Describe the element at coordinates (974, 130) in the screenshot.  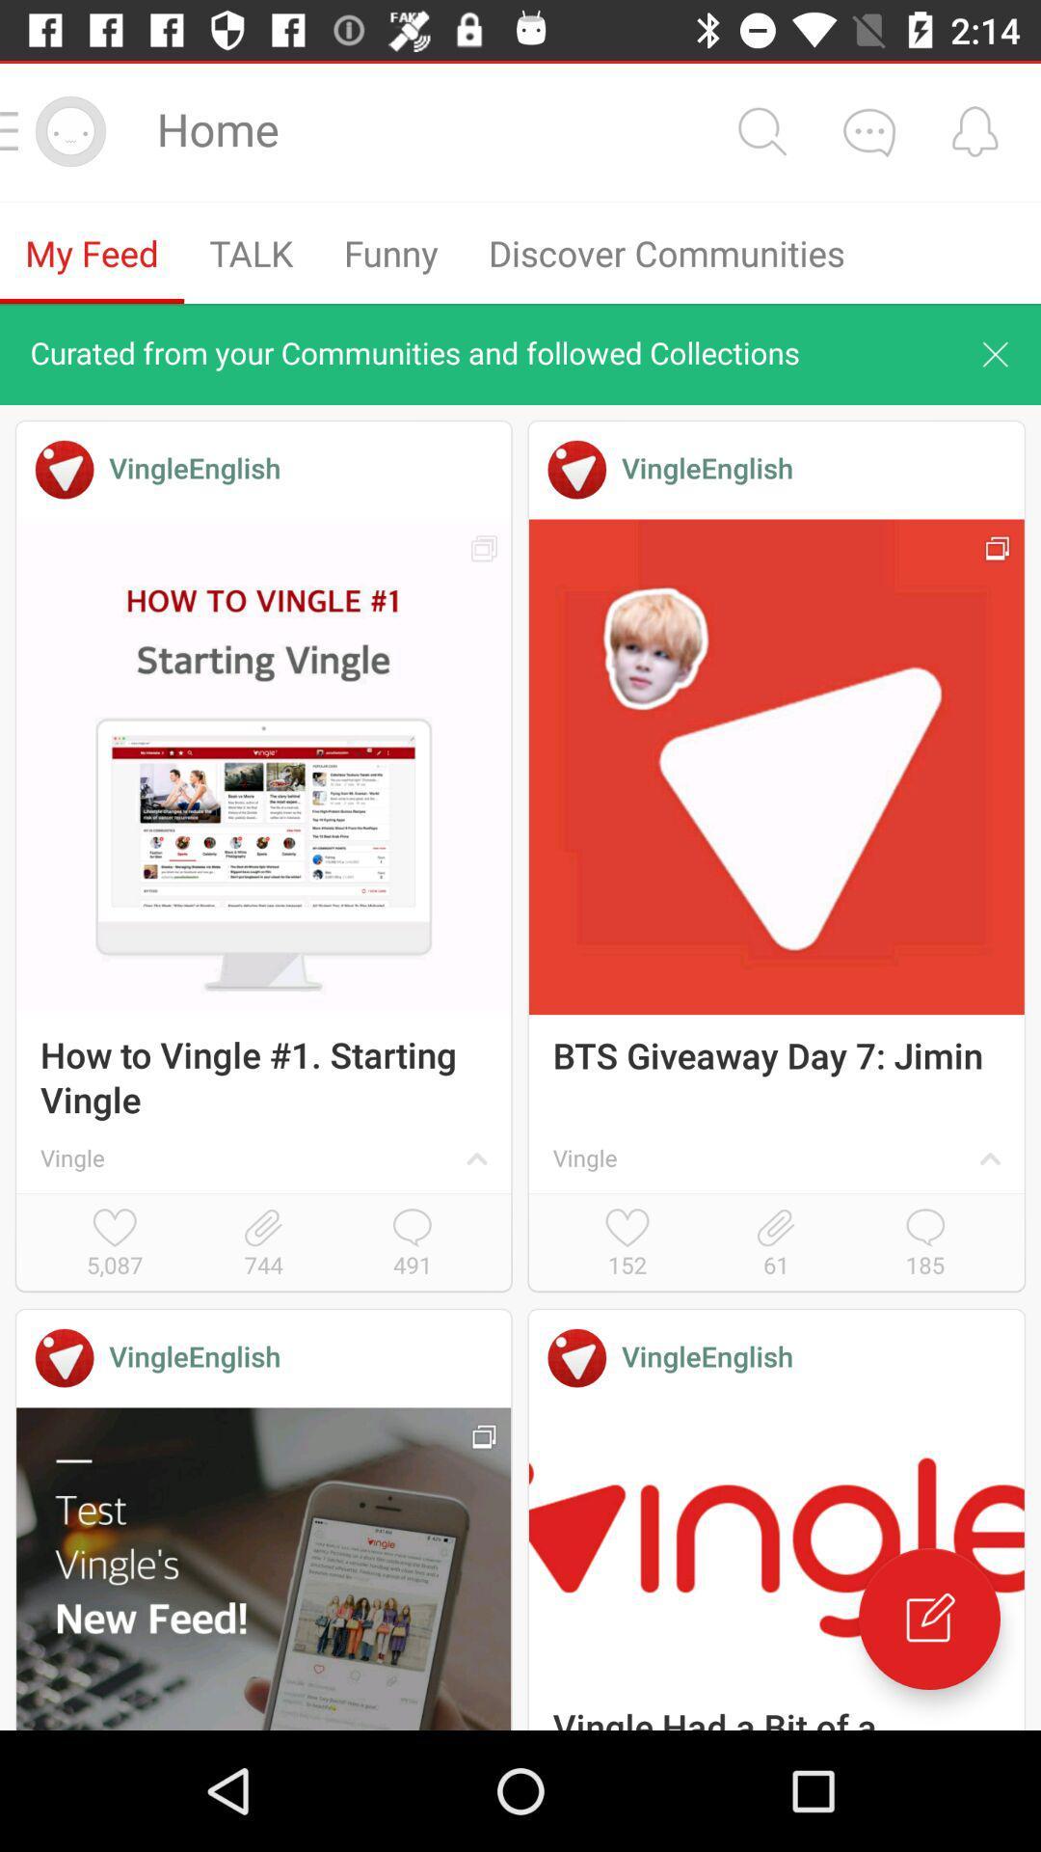
I see `the notifications icon` at that location.